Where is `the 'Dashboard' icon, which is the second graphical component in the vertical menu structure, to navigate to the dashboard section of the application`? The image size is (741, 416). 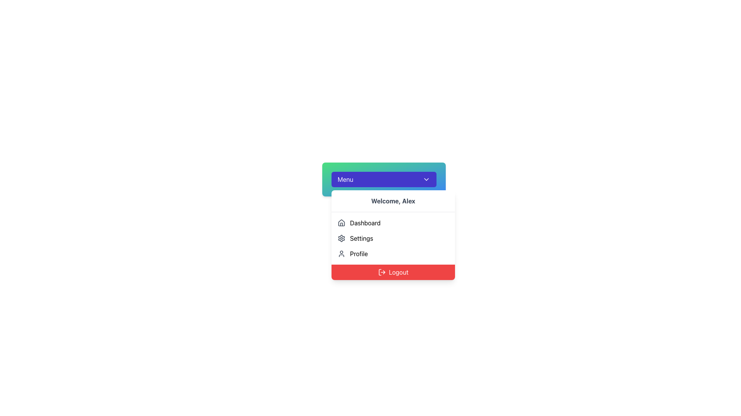
the 'Dashboard' icon, which is the second graphical component in the vertical menu structure, to navigate to the dashboard section of the application is located at coordinates (341, 223).